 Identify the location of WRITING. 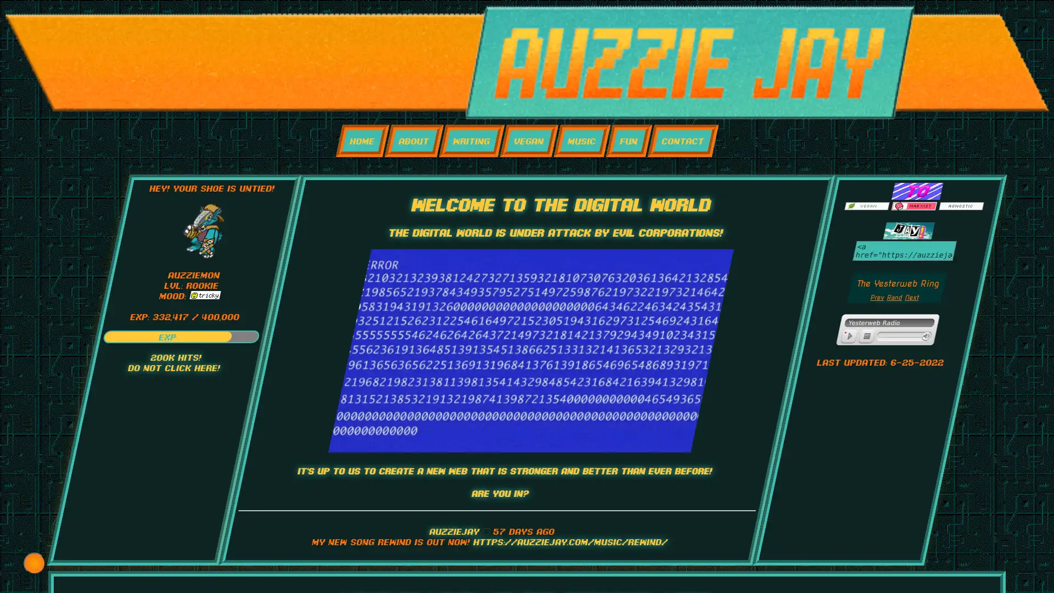
(471, 140).